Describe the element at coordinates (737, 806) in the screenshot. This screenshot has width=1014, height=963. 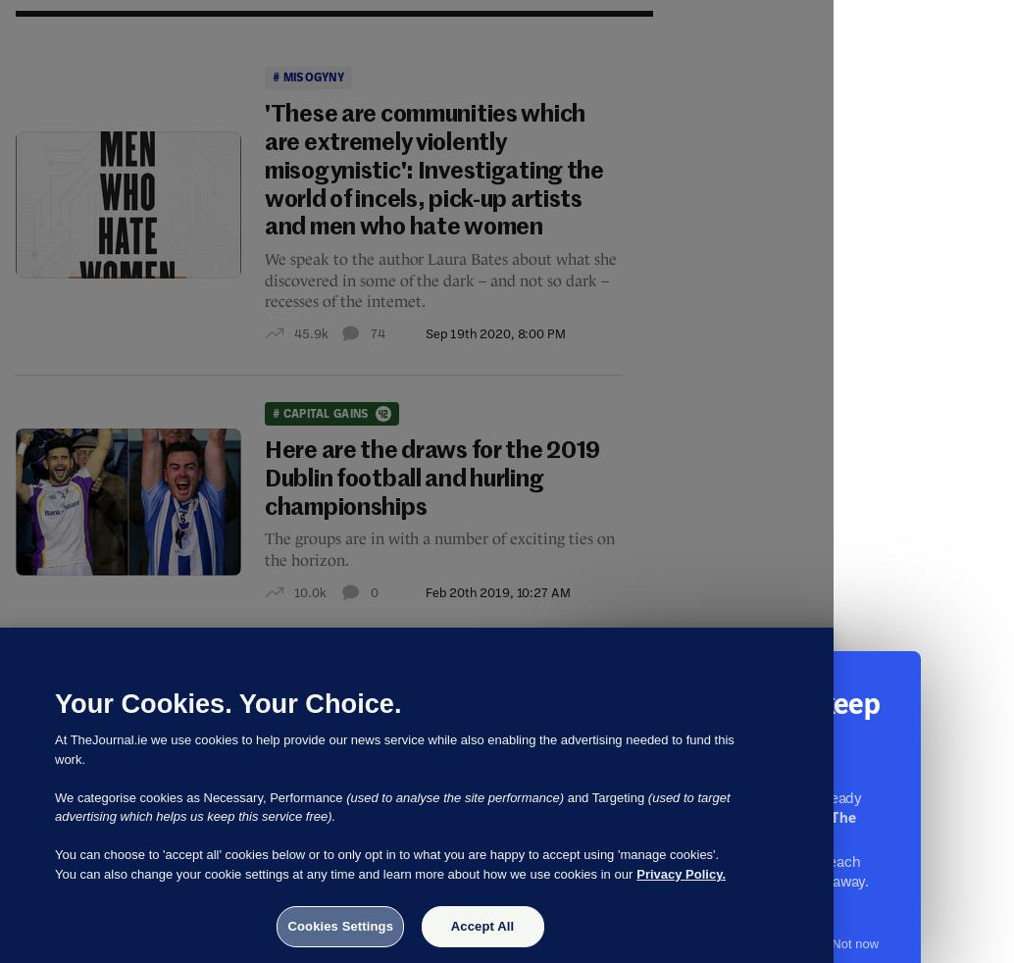
I see `'More than 5,000 readers have already pitched in to keep'` at that location.